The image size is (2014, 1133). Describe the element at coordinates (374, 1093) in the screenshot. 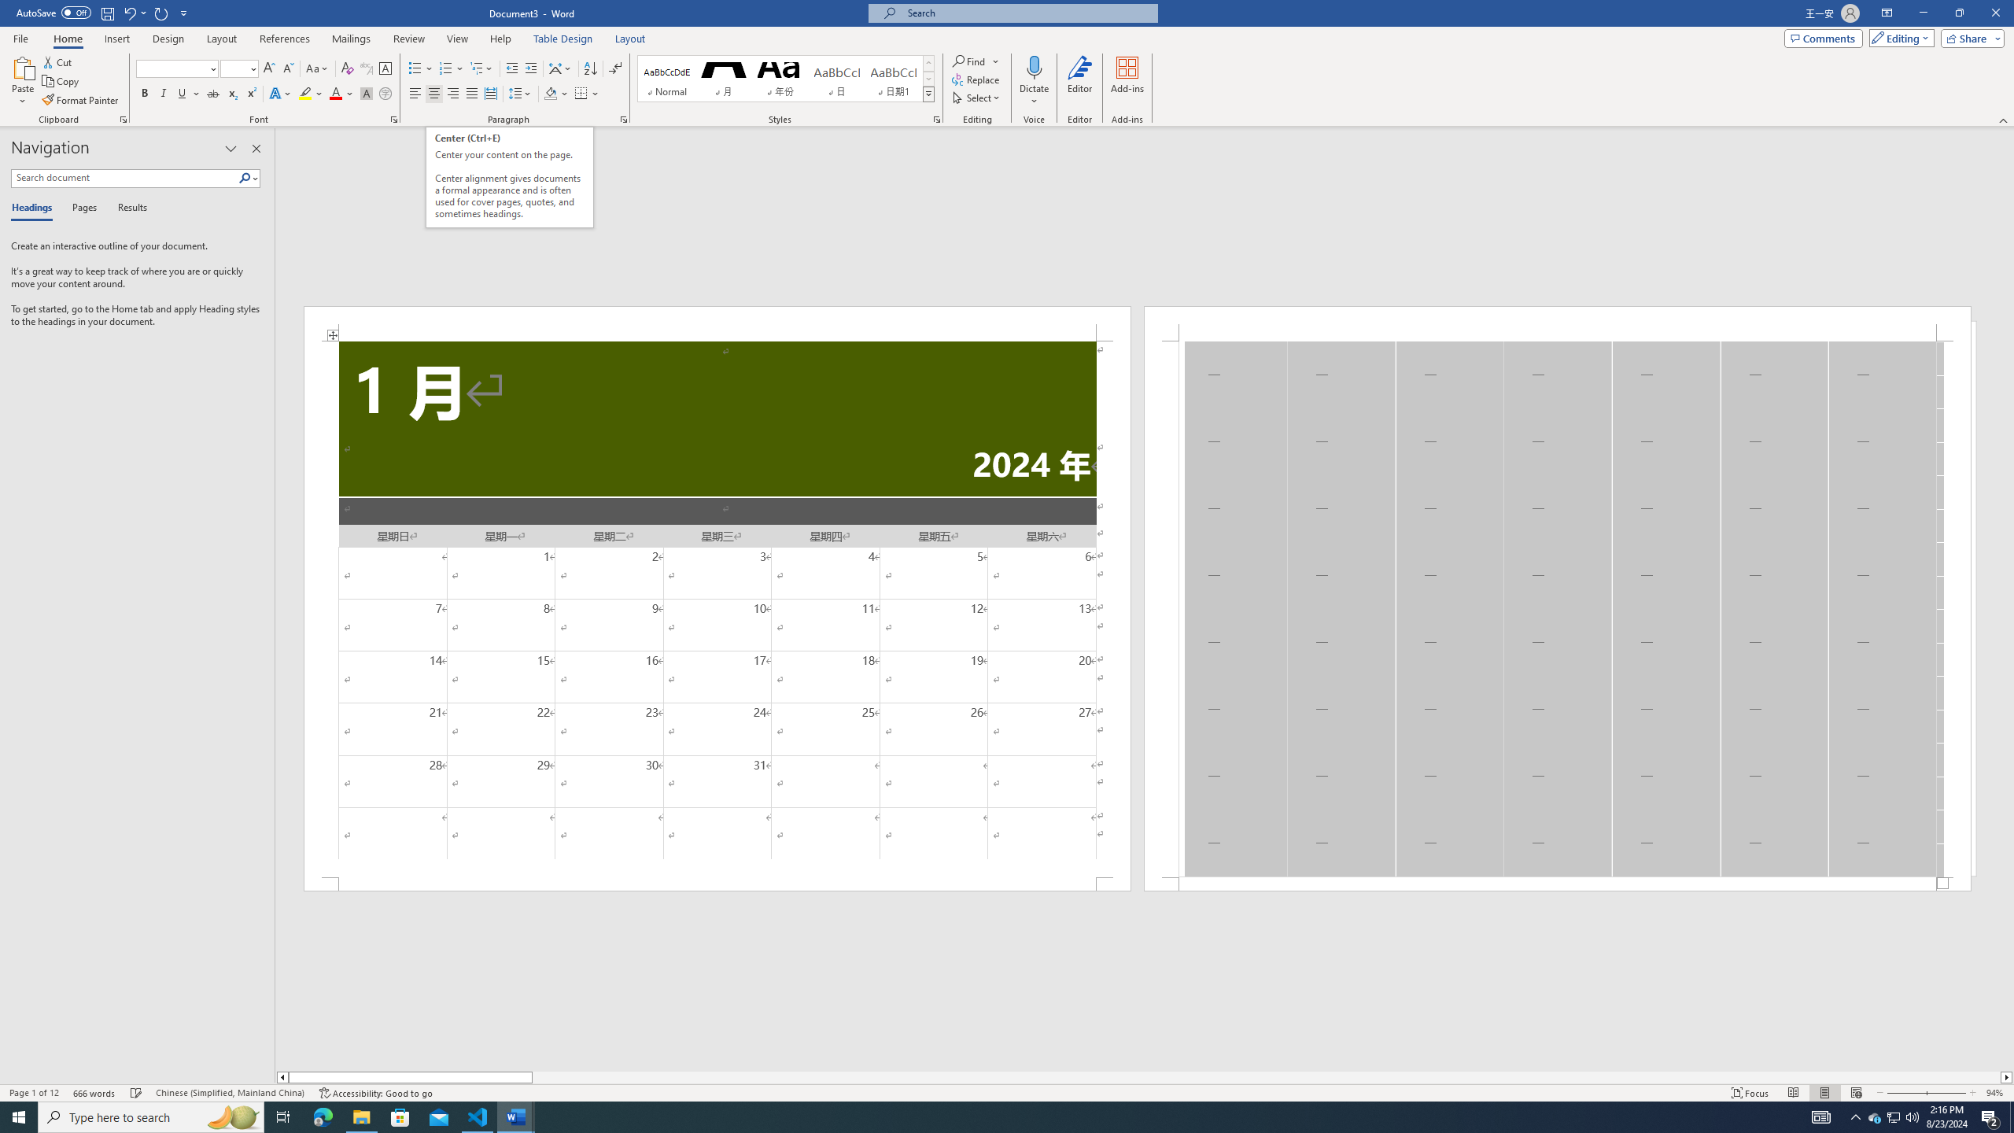

I see `'Accessibility Checker Accessibility: Good to go'` at that location.